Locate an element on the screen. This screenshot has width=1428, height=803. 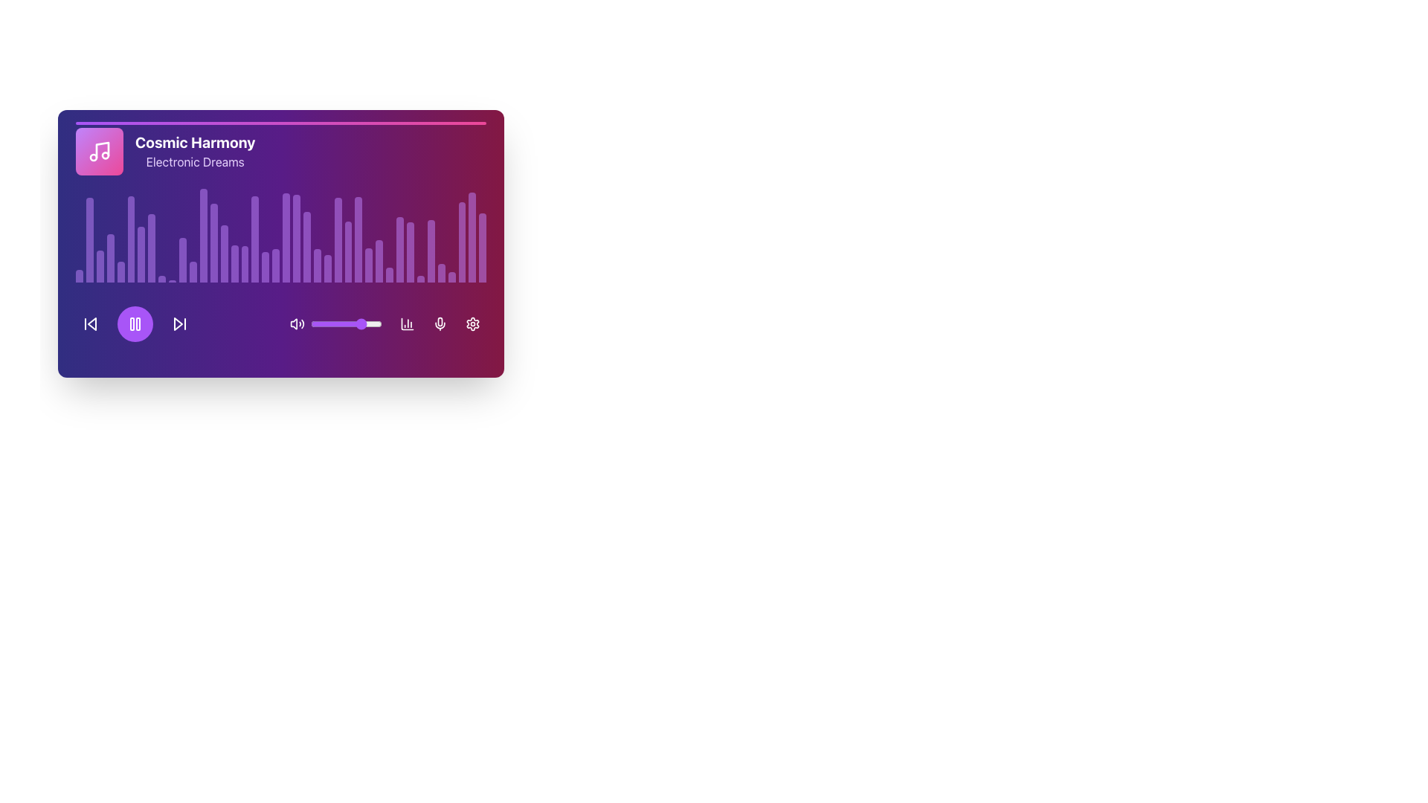
the 'skip forward' button, which is the third playback control button located towards the bottom center of the media player interface is located at coordinates (178, 323).